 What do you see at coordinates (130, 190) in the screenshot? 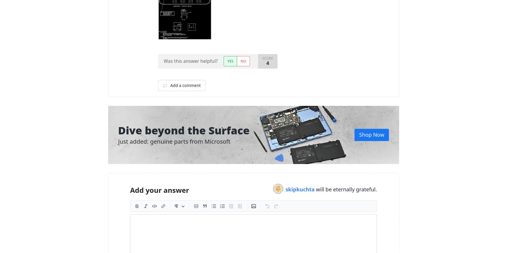
I see `'Add your answer'` at bounding box center [130, 190].